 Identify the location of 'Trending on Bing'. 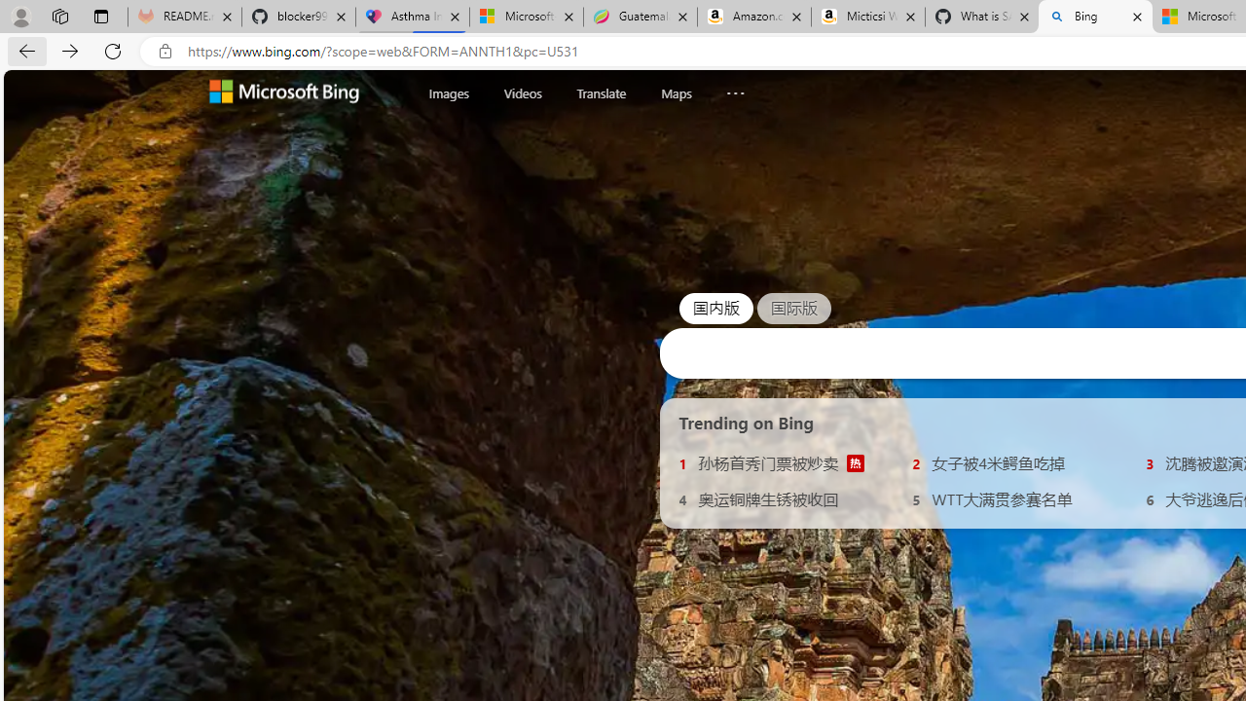
(746, 422).